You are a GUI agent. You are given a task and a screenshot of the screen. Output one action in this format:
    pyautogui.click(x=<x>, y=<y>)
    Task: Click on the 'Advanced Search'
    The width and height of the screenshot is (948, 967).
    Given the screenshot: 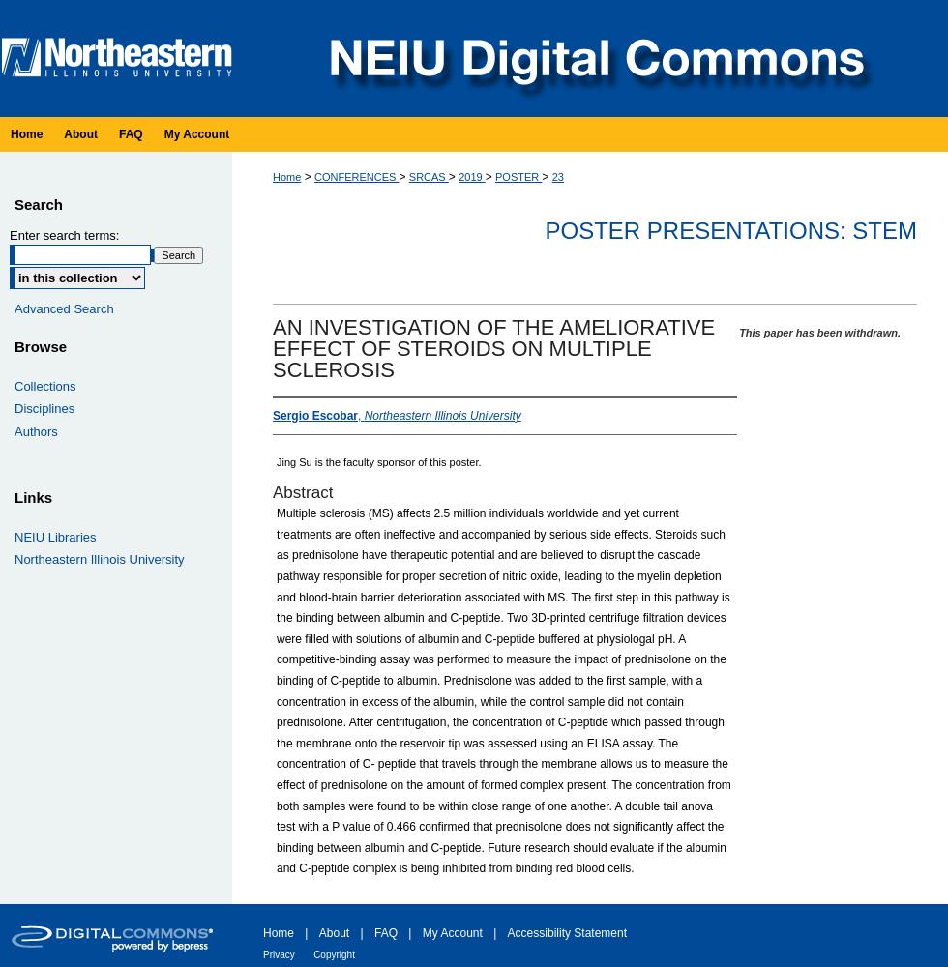 What is the action you would take?
    pyautogui.click(x=63, y=307)
    